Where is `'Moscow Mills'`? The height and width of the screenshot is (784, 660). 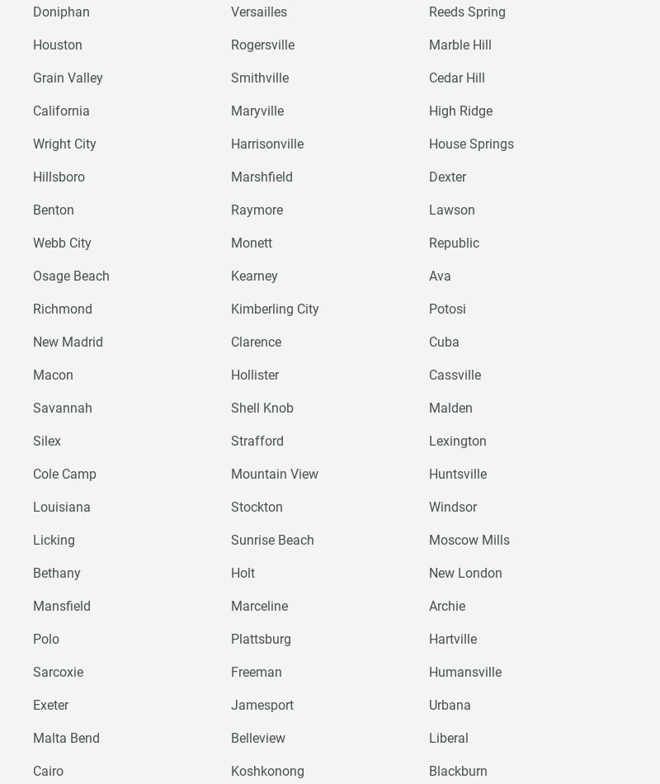 'Moscow Mills' is located at coordinates (468, 540).